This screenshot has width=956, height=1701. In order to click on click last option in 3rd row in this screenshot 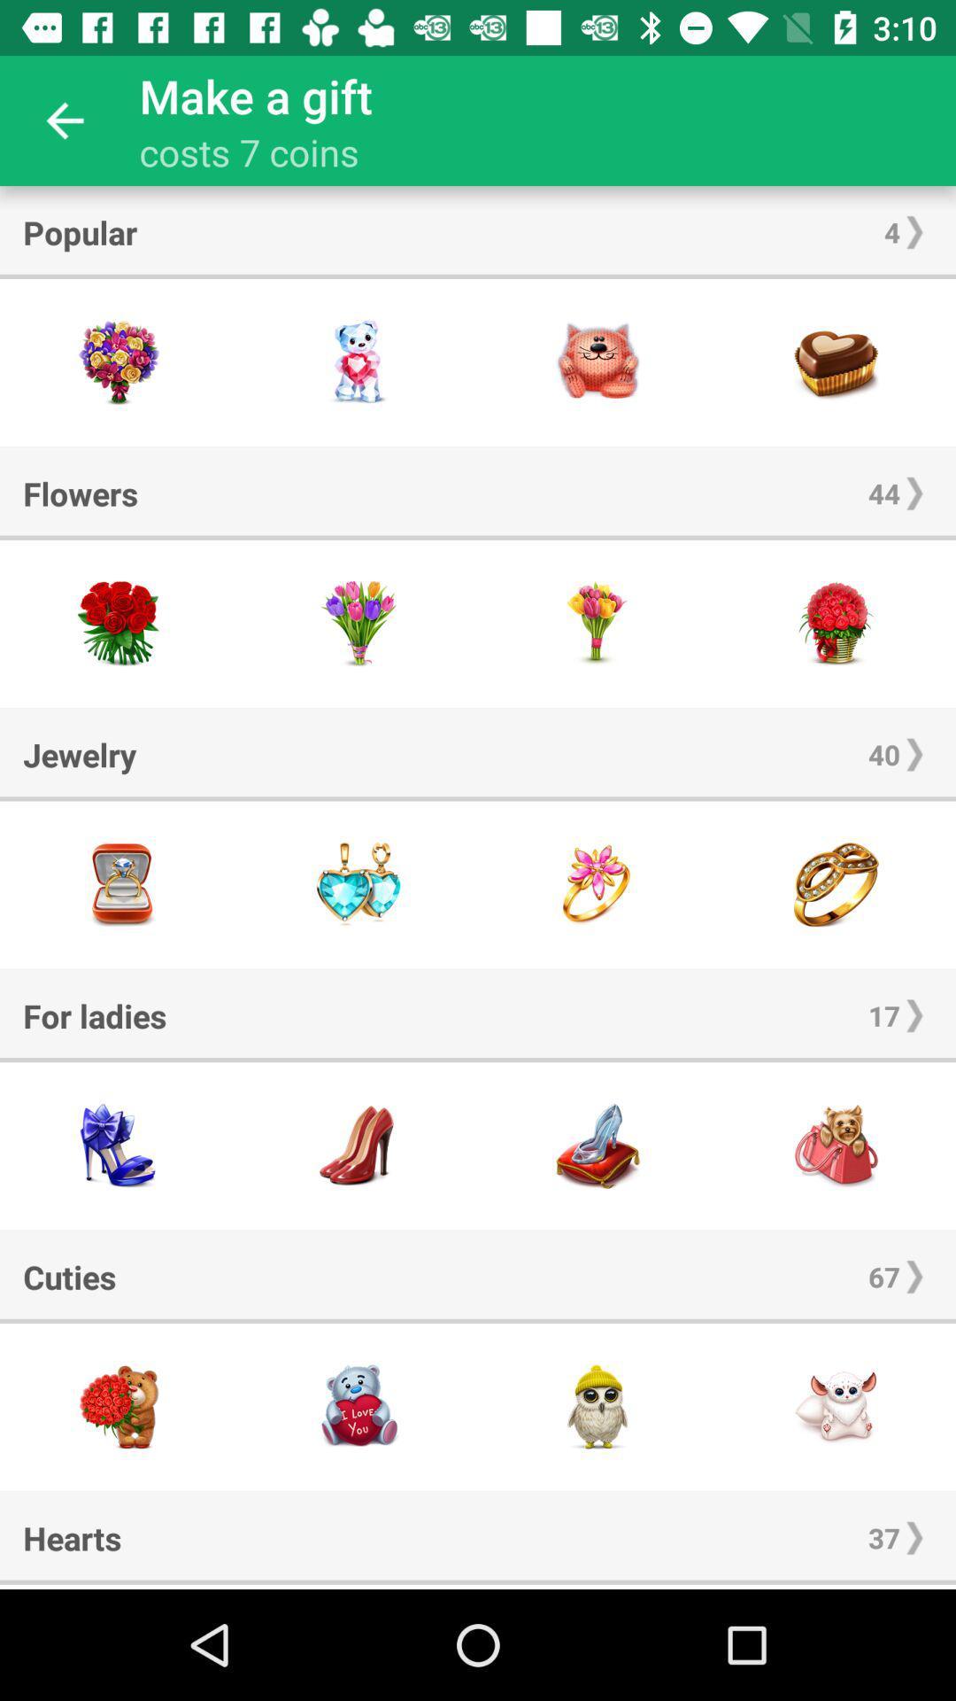, I will do `click(836, 884)`.